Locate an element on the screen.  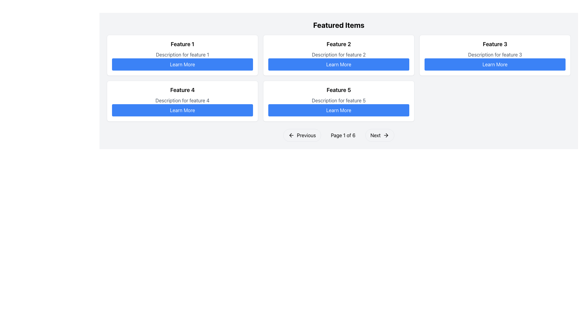
the static text label that reads 'Description for feature 3', which is located beneath the title within the 'Feature 3' box is located at coordinates (495, 54).